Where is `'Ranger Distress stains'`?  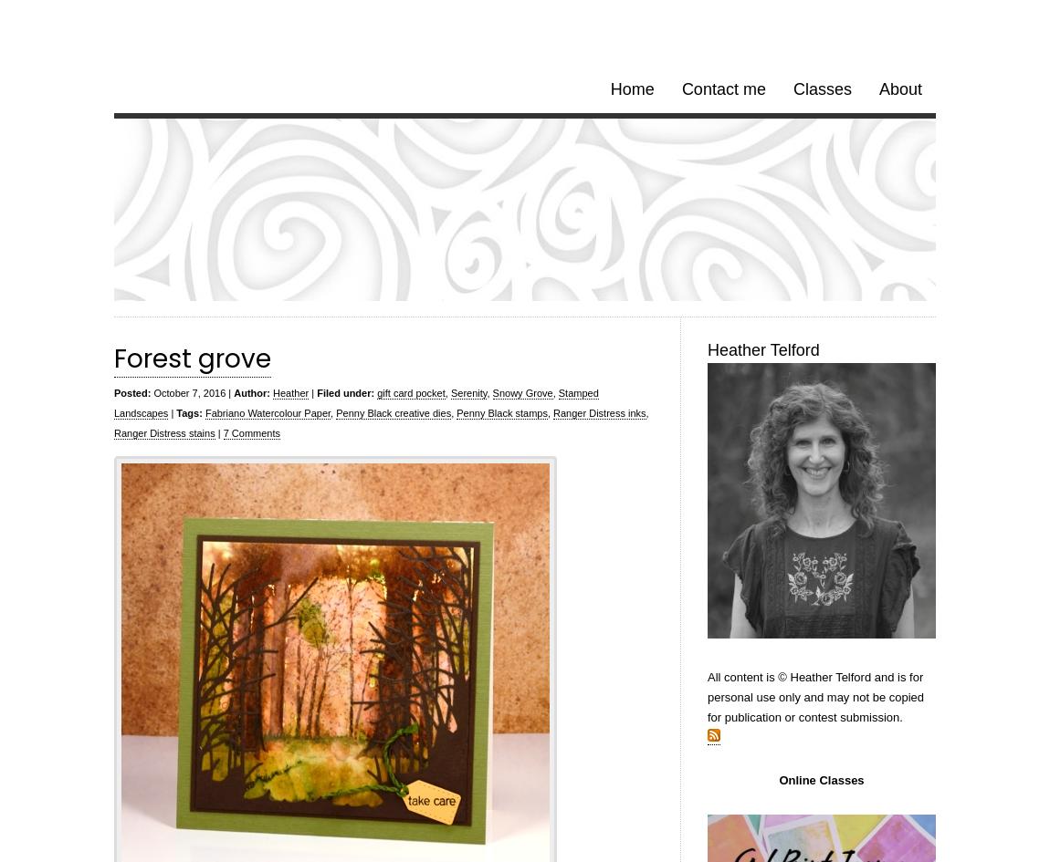 'Ranger Distress stains' is located at coordinates (163, 431).